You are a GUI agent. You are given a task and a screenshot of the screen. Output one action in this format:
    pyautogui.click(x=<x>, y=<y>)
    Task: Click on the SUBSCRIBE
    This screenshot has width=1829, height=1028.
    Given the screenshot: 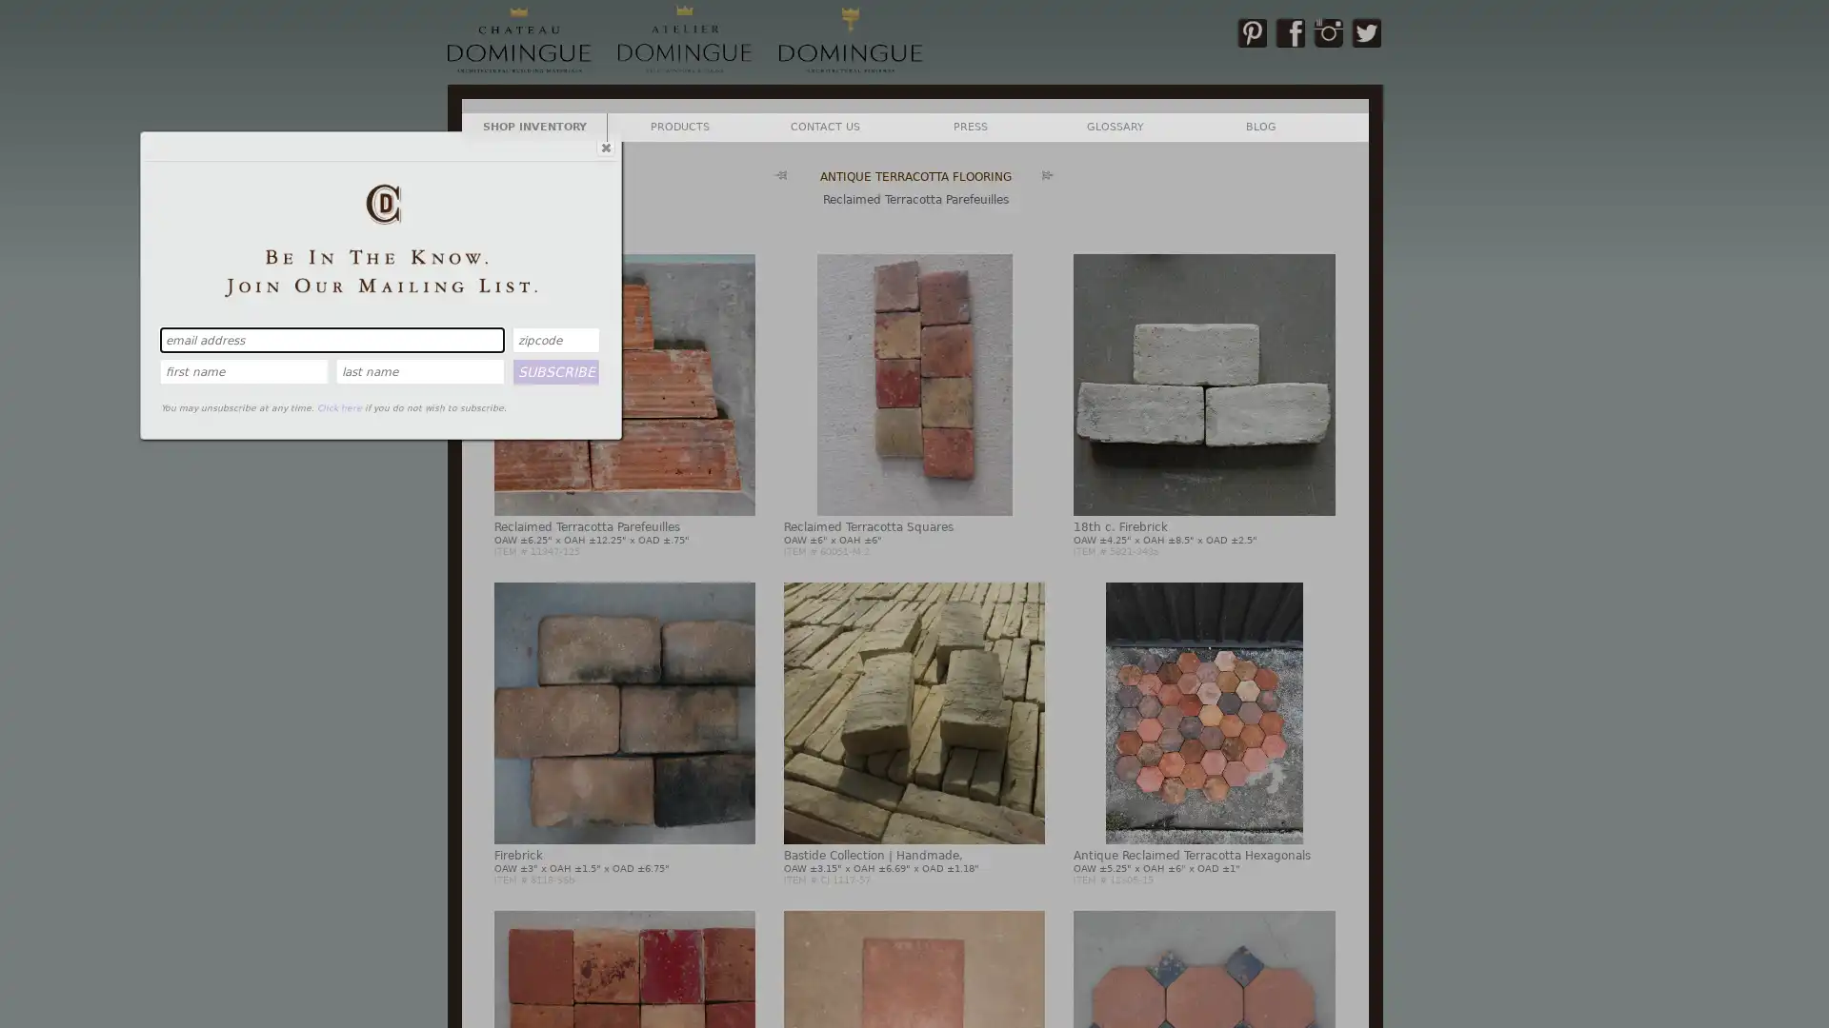 What is the action you would take?
    pyautogui.click(x=555, y=370)
    